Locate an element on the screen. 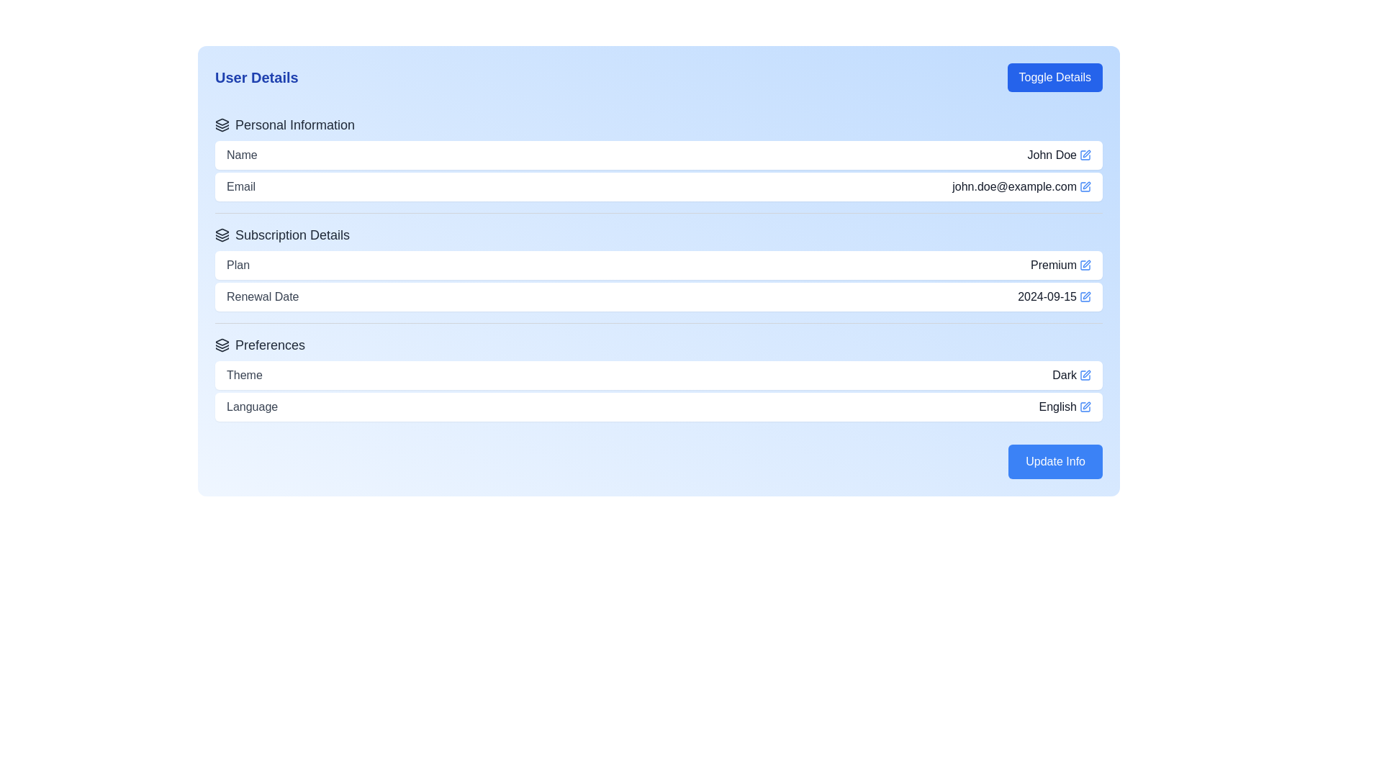  the icon representing the 'Subscription Details' section, located to the left of the text within the Subscription Details area is located at coordinates (221, 235).